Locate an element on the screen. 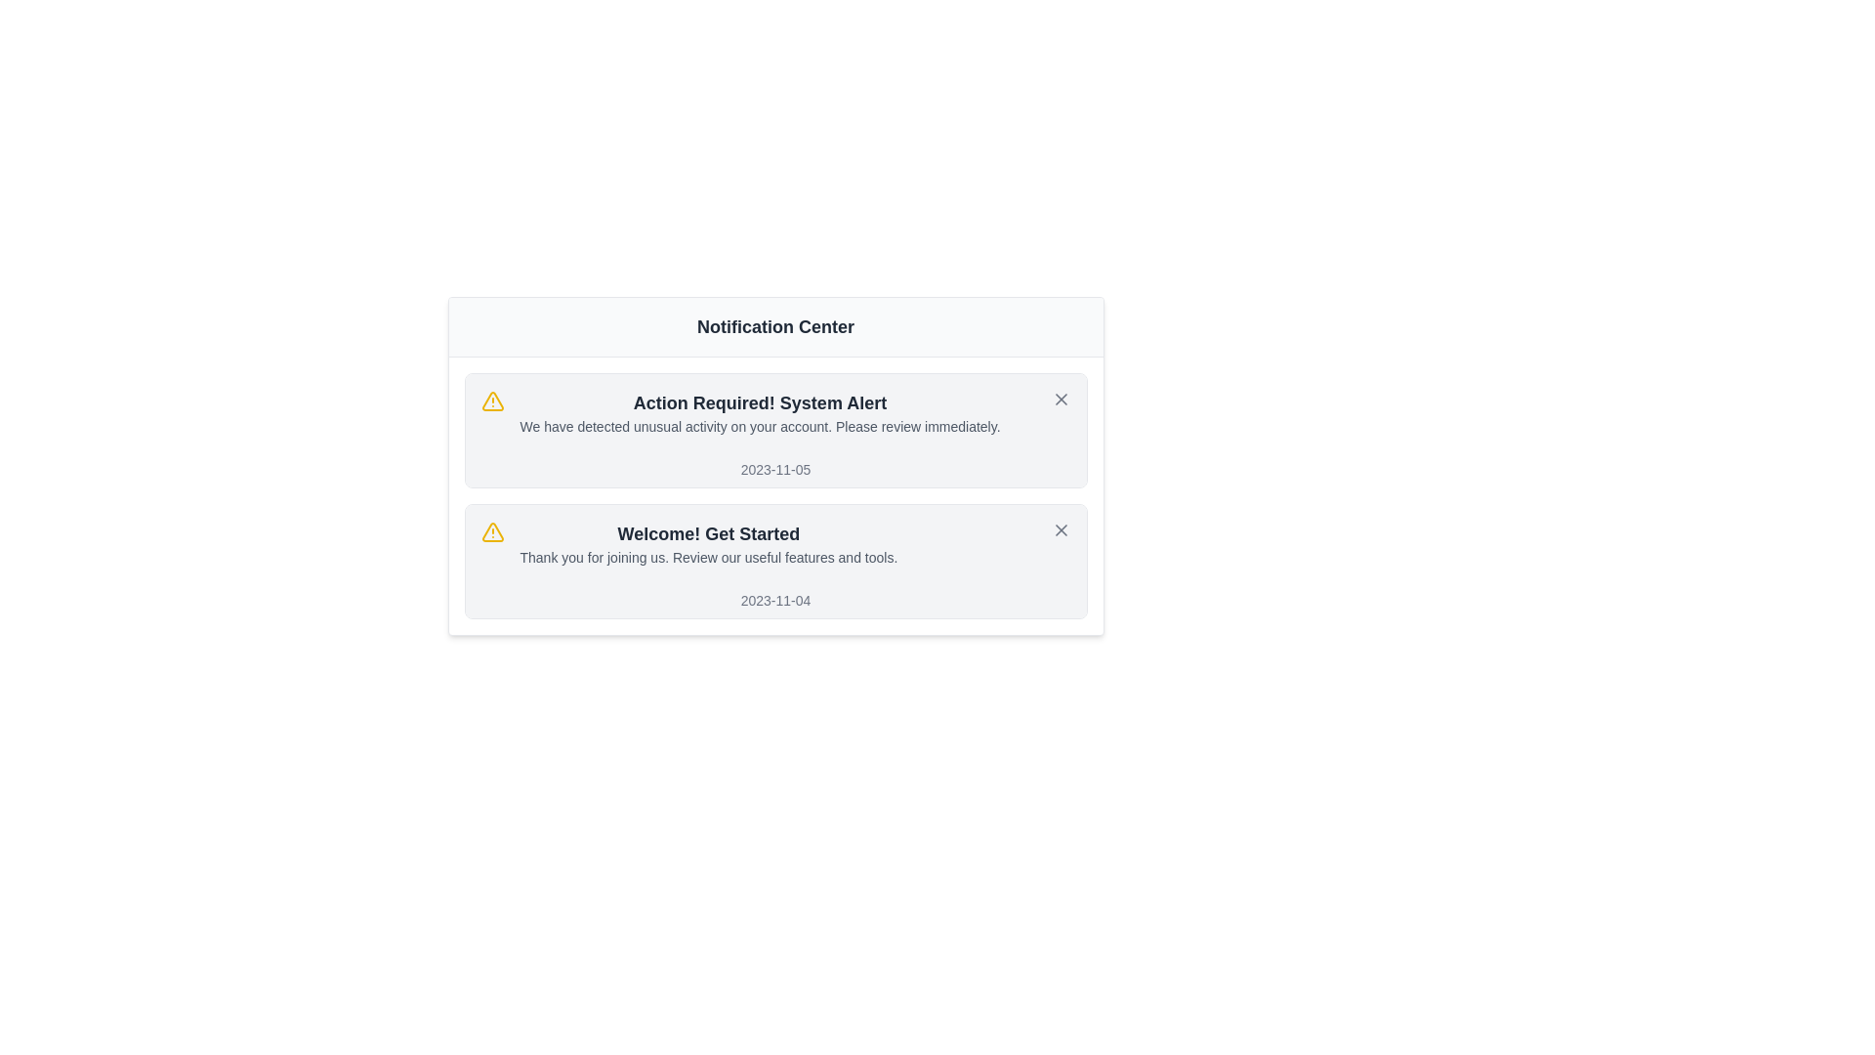  the supplementary text information located below the title 'Welcome! Get Started' in the second notification box is located at coordinates (707, 557).